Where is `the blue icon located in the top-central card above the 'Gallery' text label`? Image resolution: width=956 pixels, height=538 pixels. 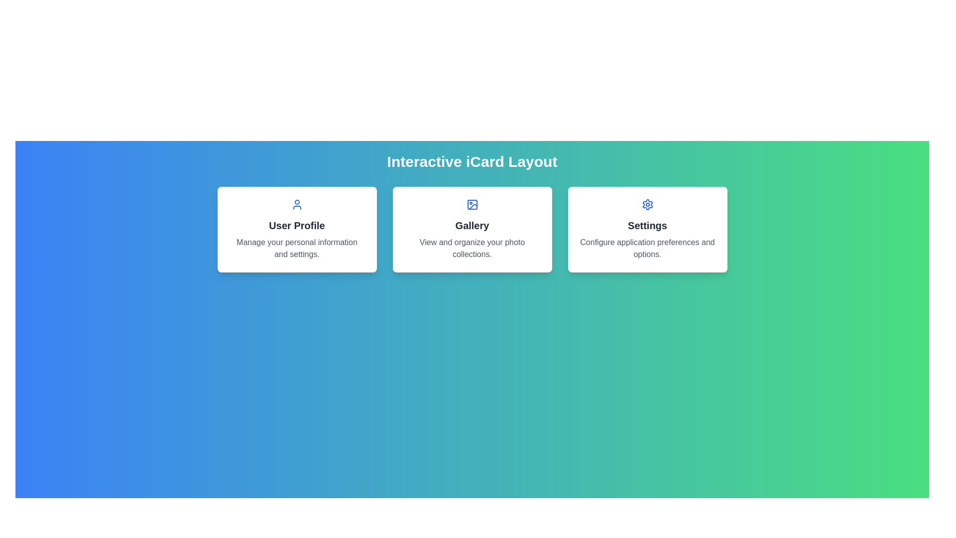 the blue icon located in the top-central card above the 'Gallery' text label is located at coordinates (472, 204).